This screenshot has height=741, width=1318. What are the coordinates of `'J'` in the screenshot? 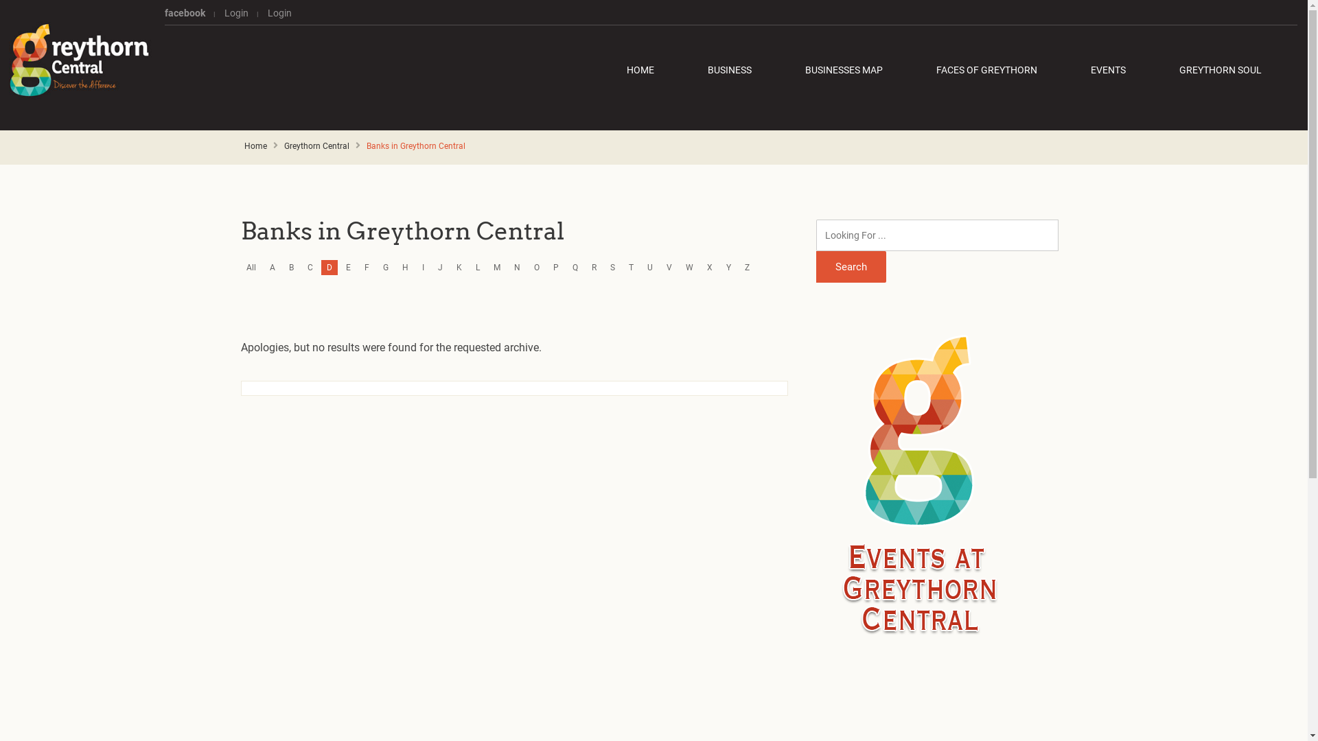 It's located at (440, 267).